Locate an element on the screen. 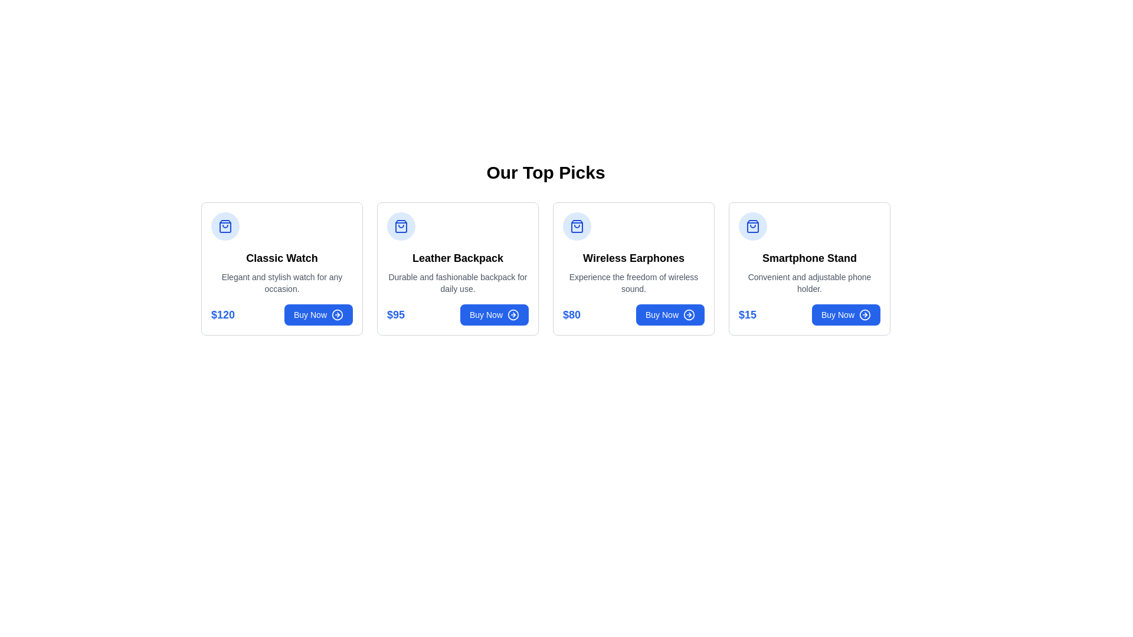  the directional icon within the 'Buy Now' button on the 'Leather Backpack' card, which is the second card in a horizontal layout is located at coordinates (513, 314).